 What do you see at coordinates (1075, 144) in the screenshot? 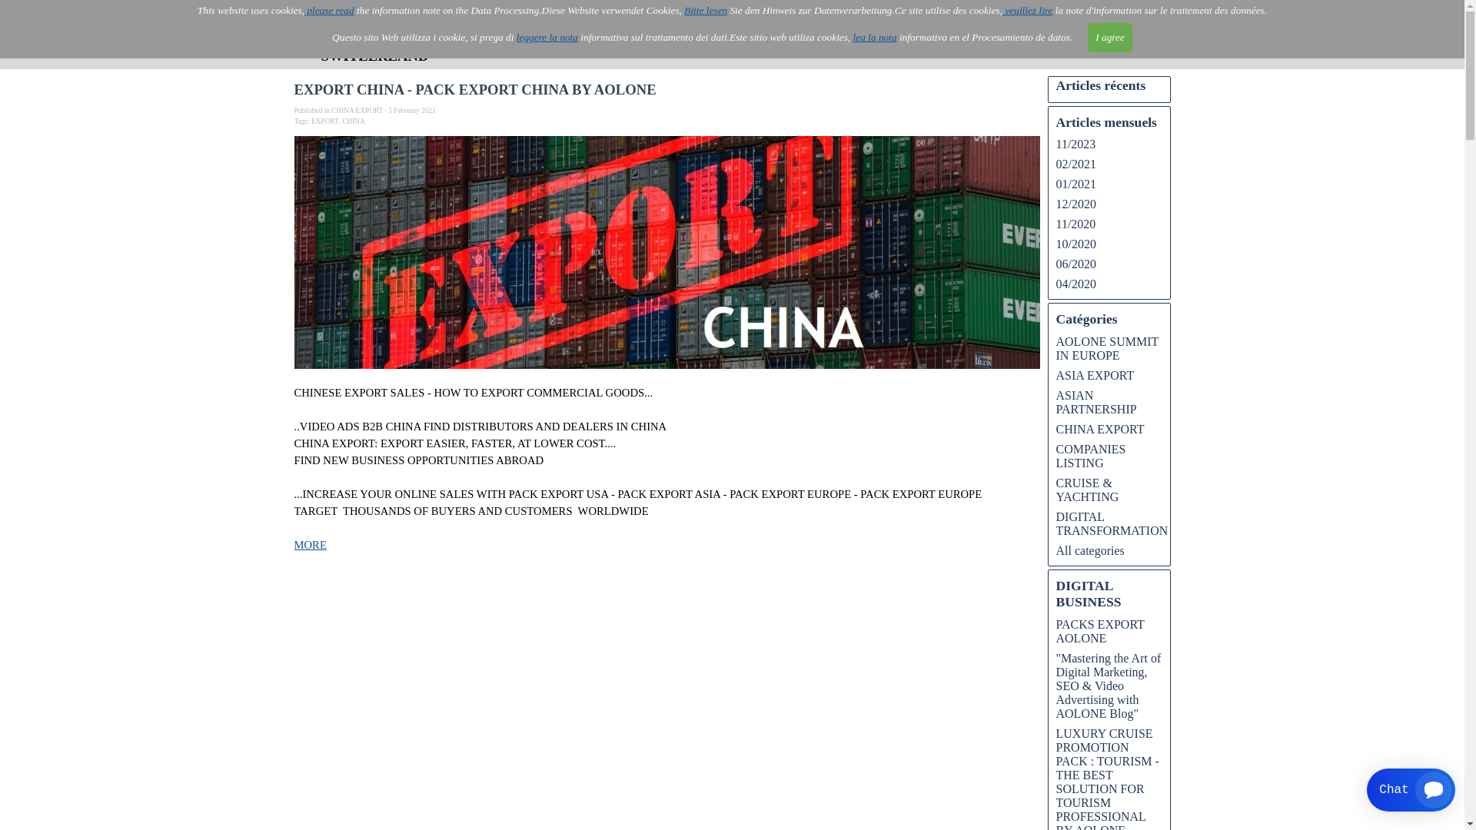
I see `'11/2023'` at bounding box center [1075, 144].